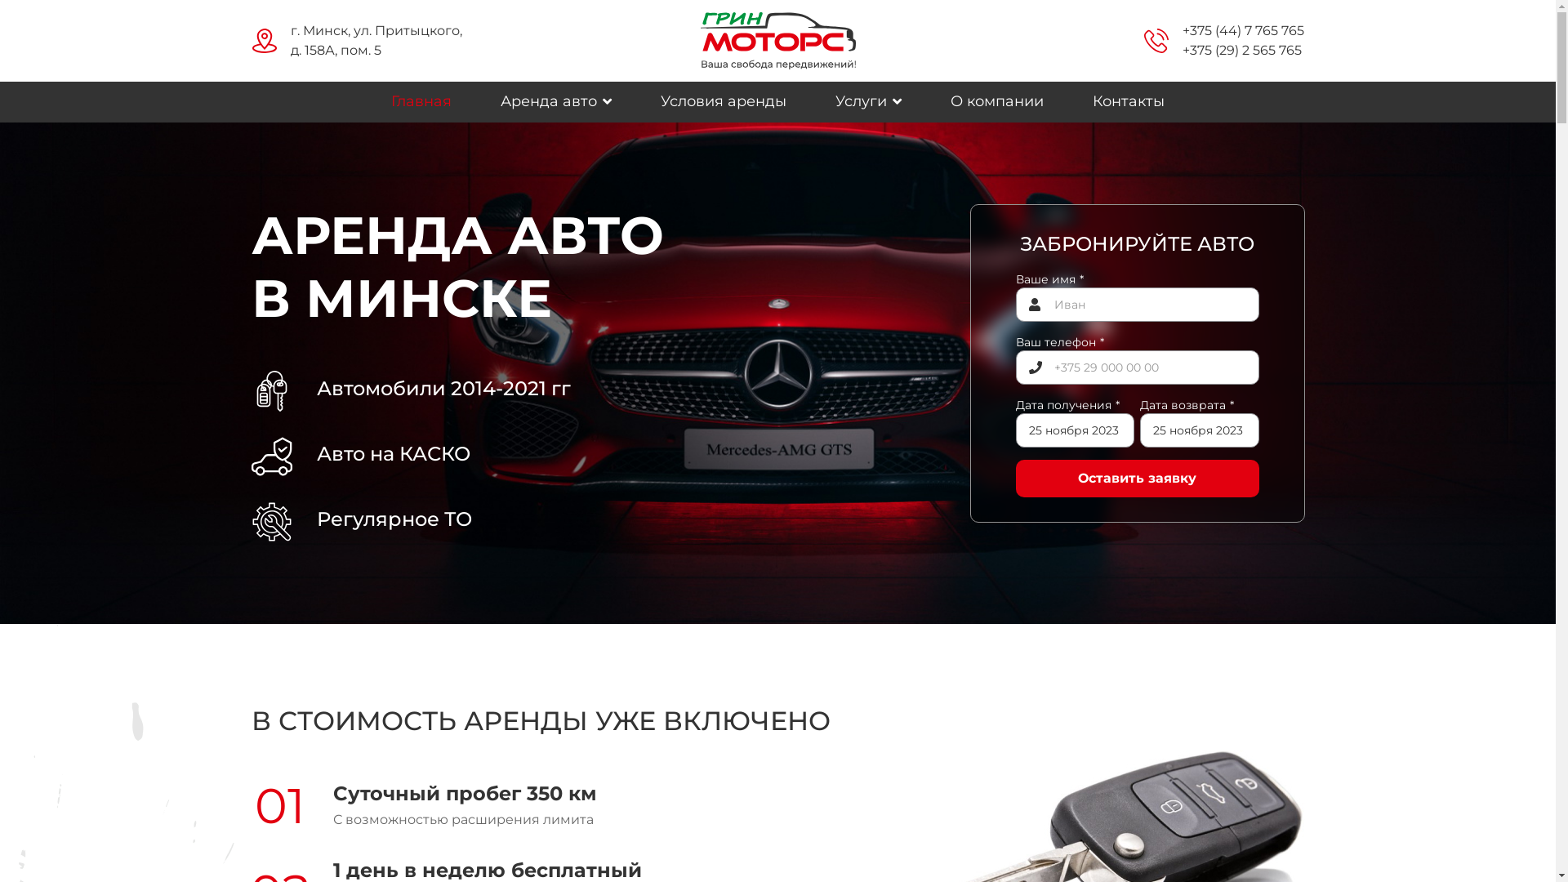 The width and height of the screenshot is (1568, 882). I want to click on '+375 (44) 7 765 765', so click(1242, 30).